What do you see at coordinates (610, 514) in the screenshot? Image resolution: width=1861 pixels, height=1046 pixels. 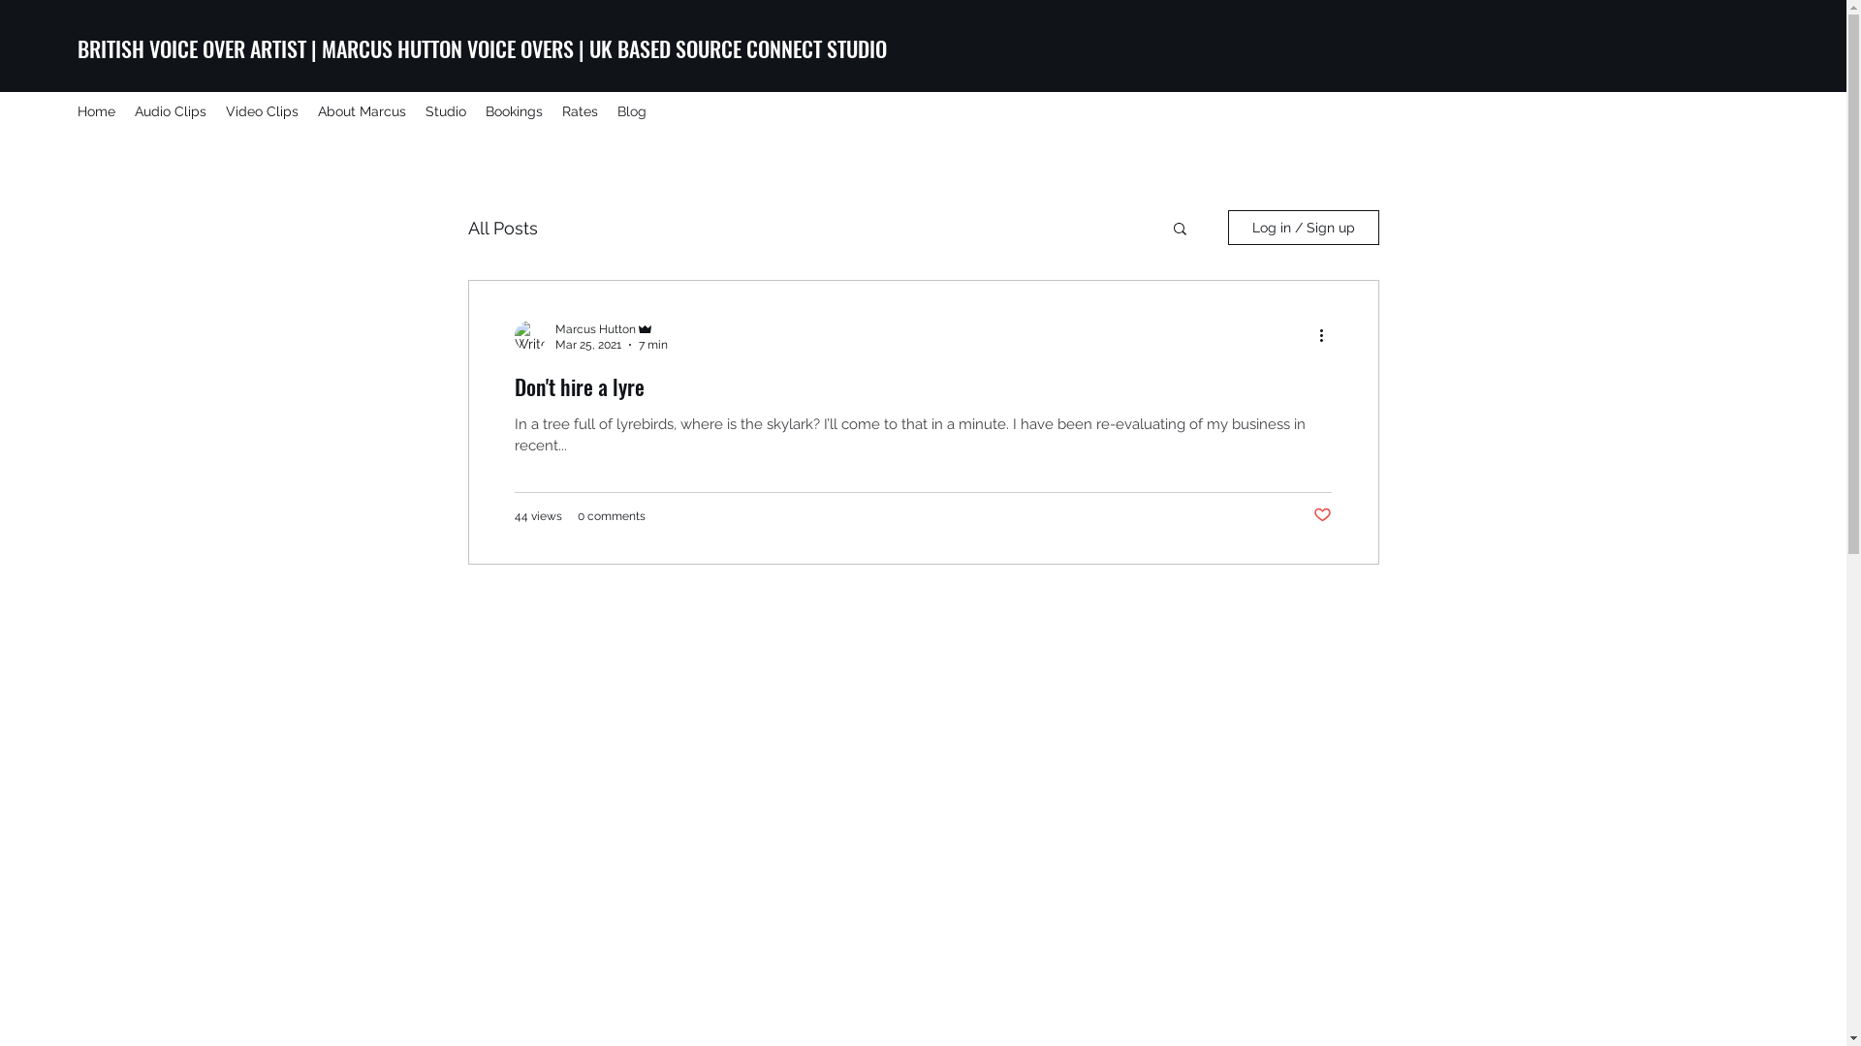 I see `'0 comments'` at bounding box center [610, 514].